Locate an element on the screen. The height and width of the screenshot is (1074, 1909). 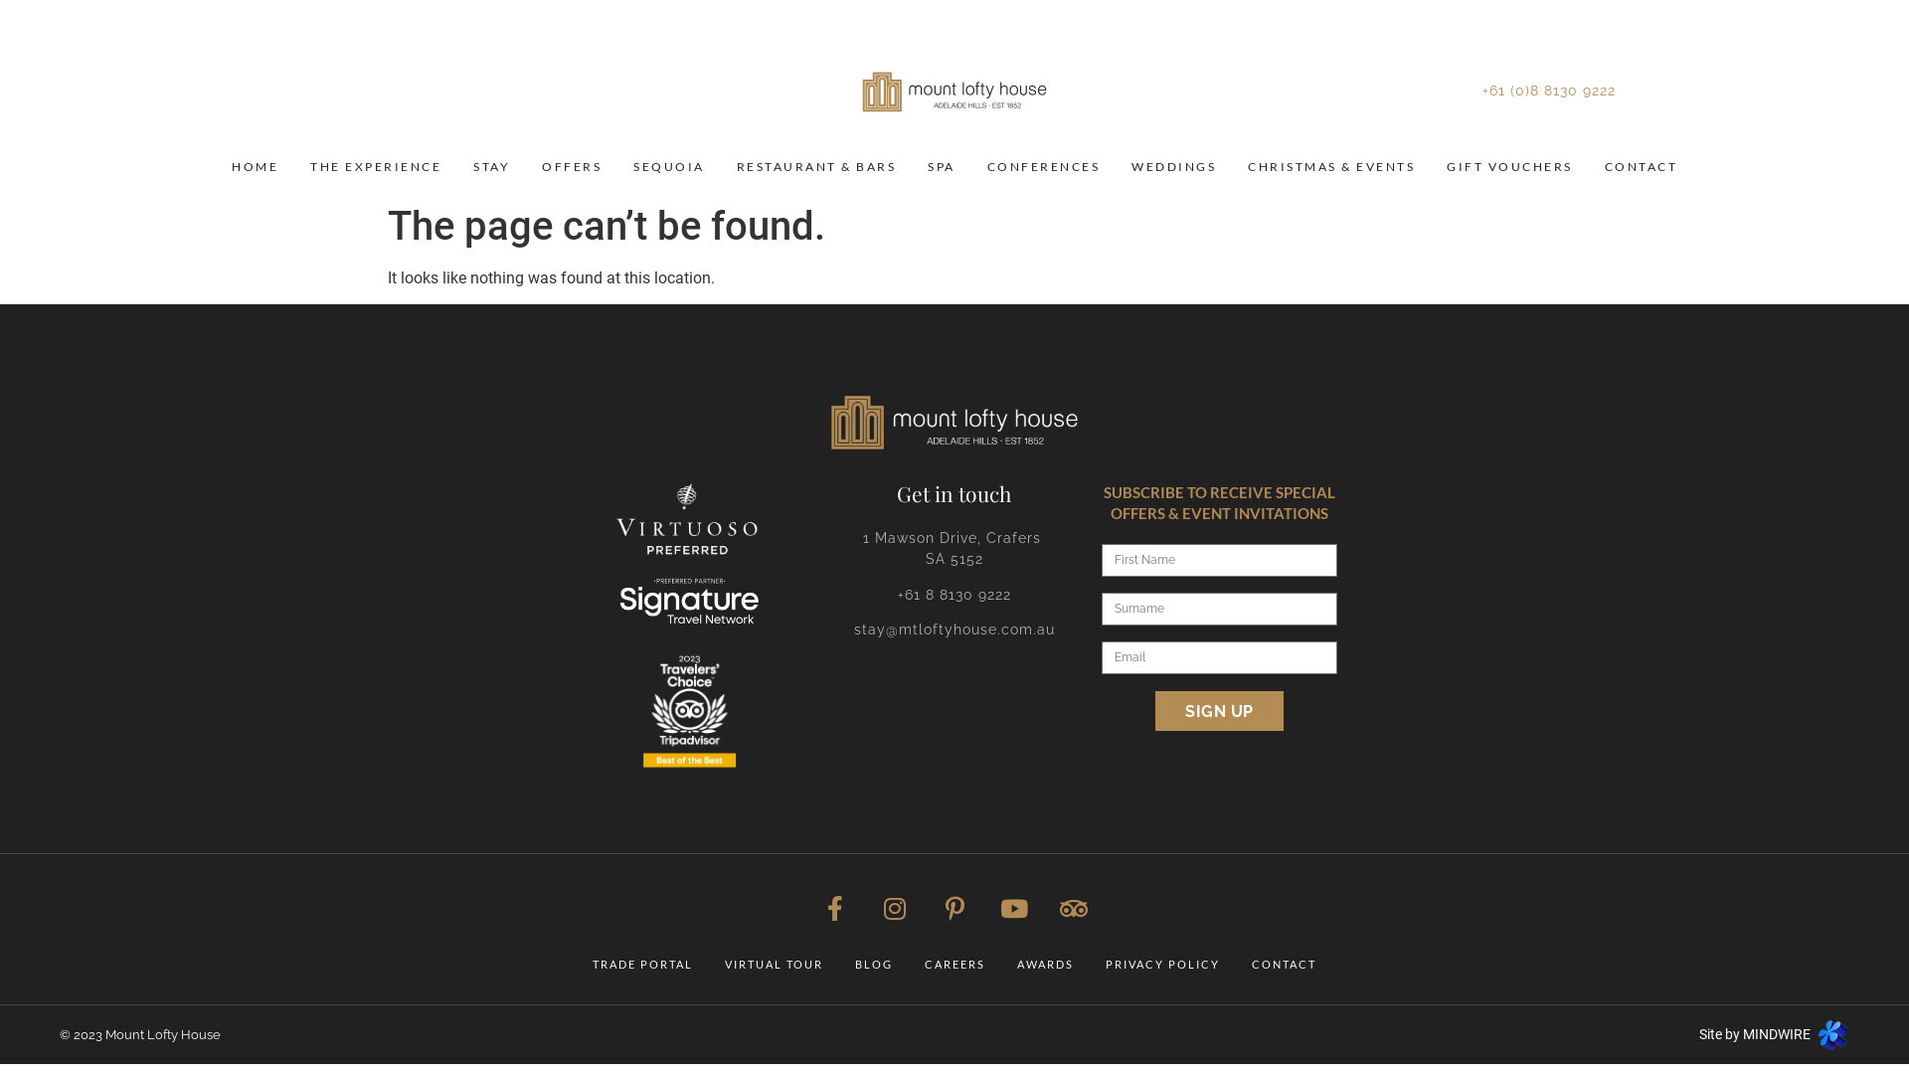
'CAREERS' is located at coordinates (924, 963).